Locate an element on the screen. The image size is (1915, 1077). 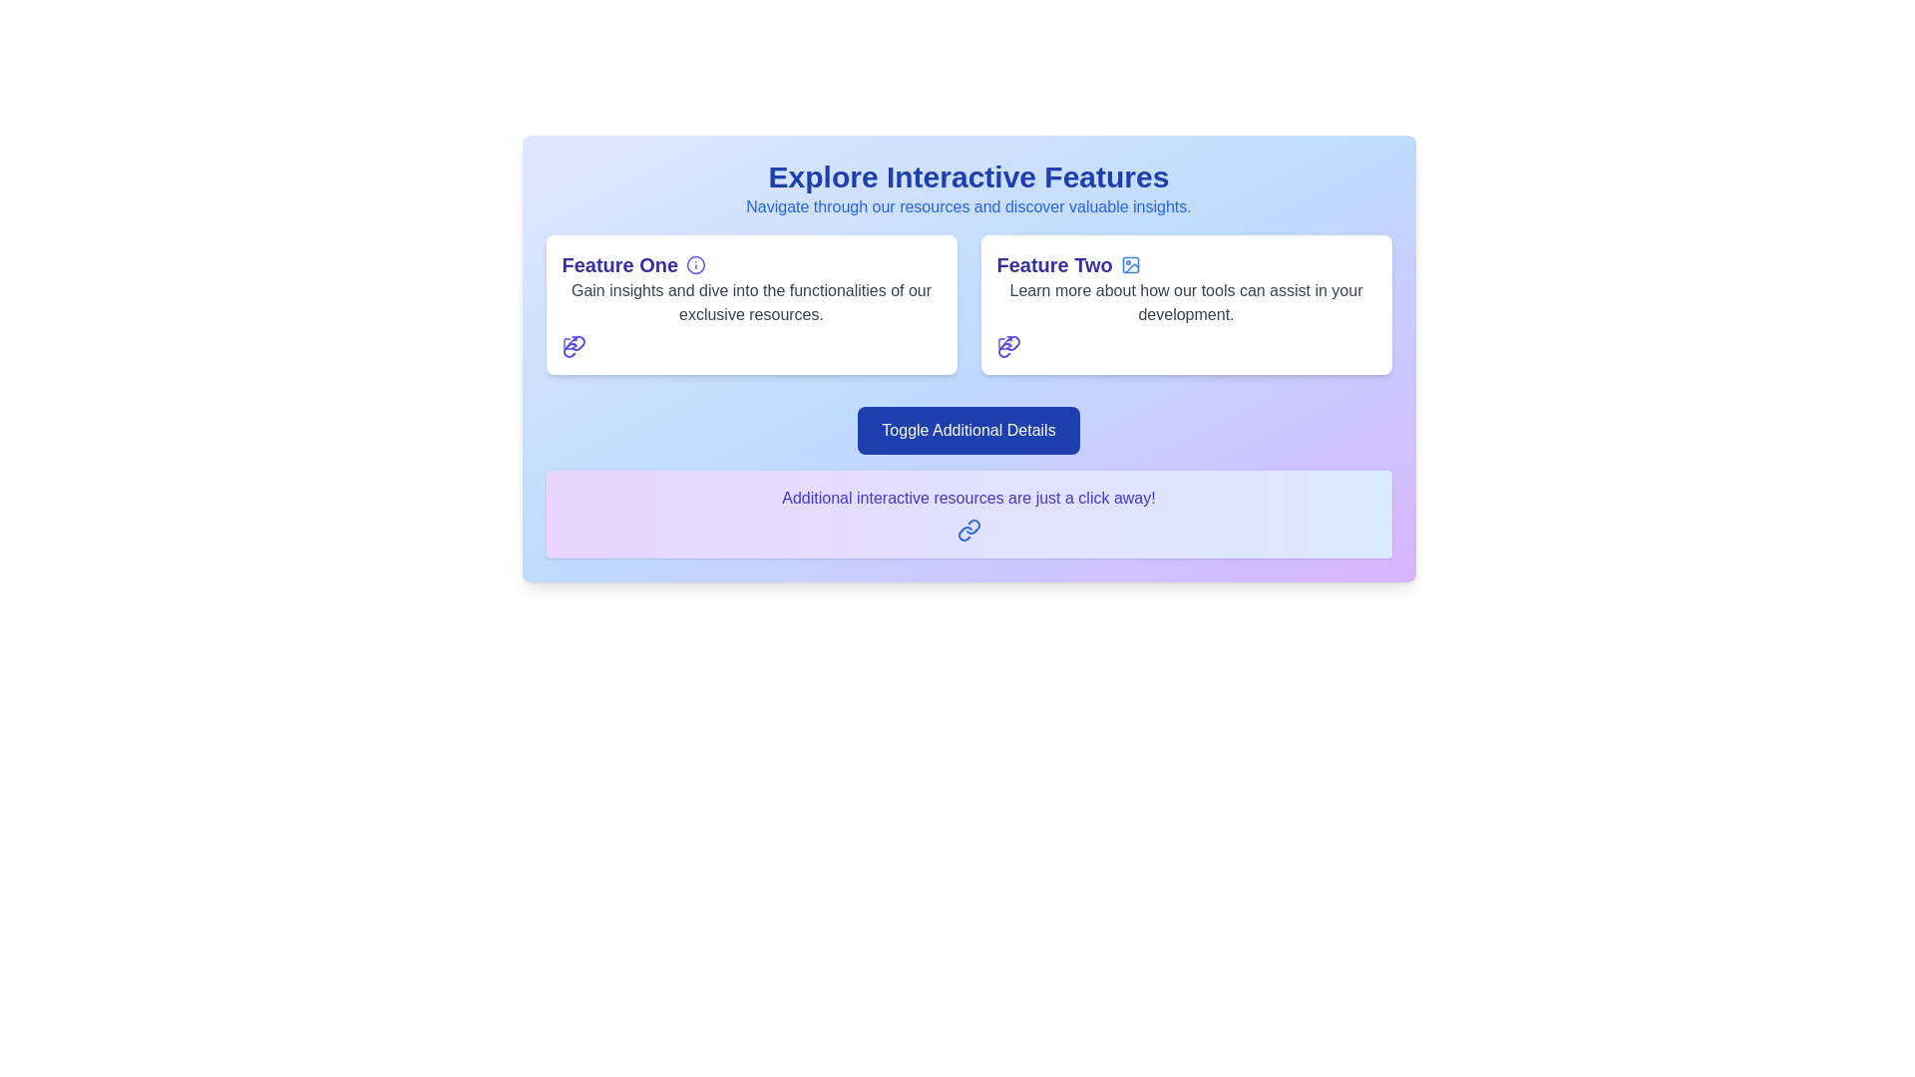
the circular icon located near the title of the text block labeled 'Feature One', which is styled to indicate an informational or interactive state is located at coordinates (696, 264).